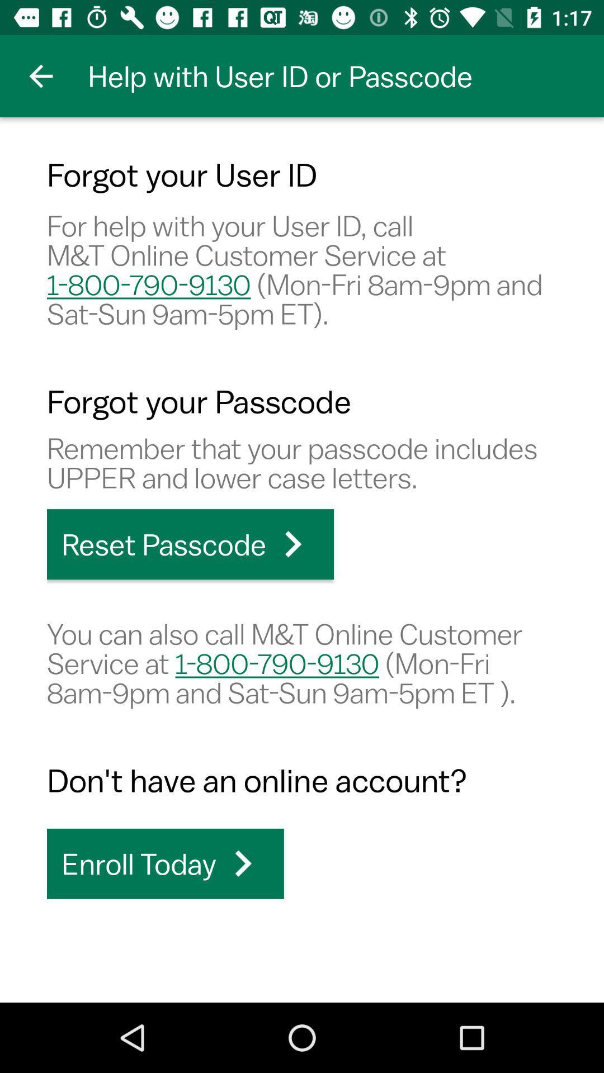  Describe the element at coordinates (165, 863) in the screenshot. I see `item at the bottom left corner` at that location.